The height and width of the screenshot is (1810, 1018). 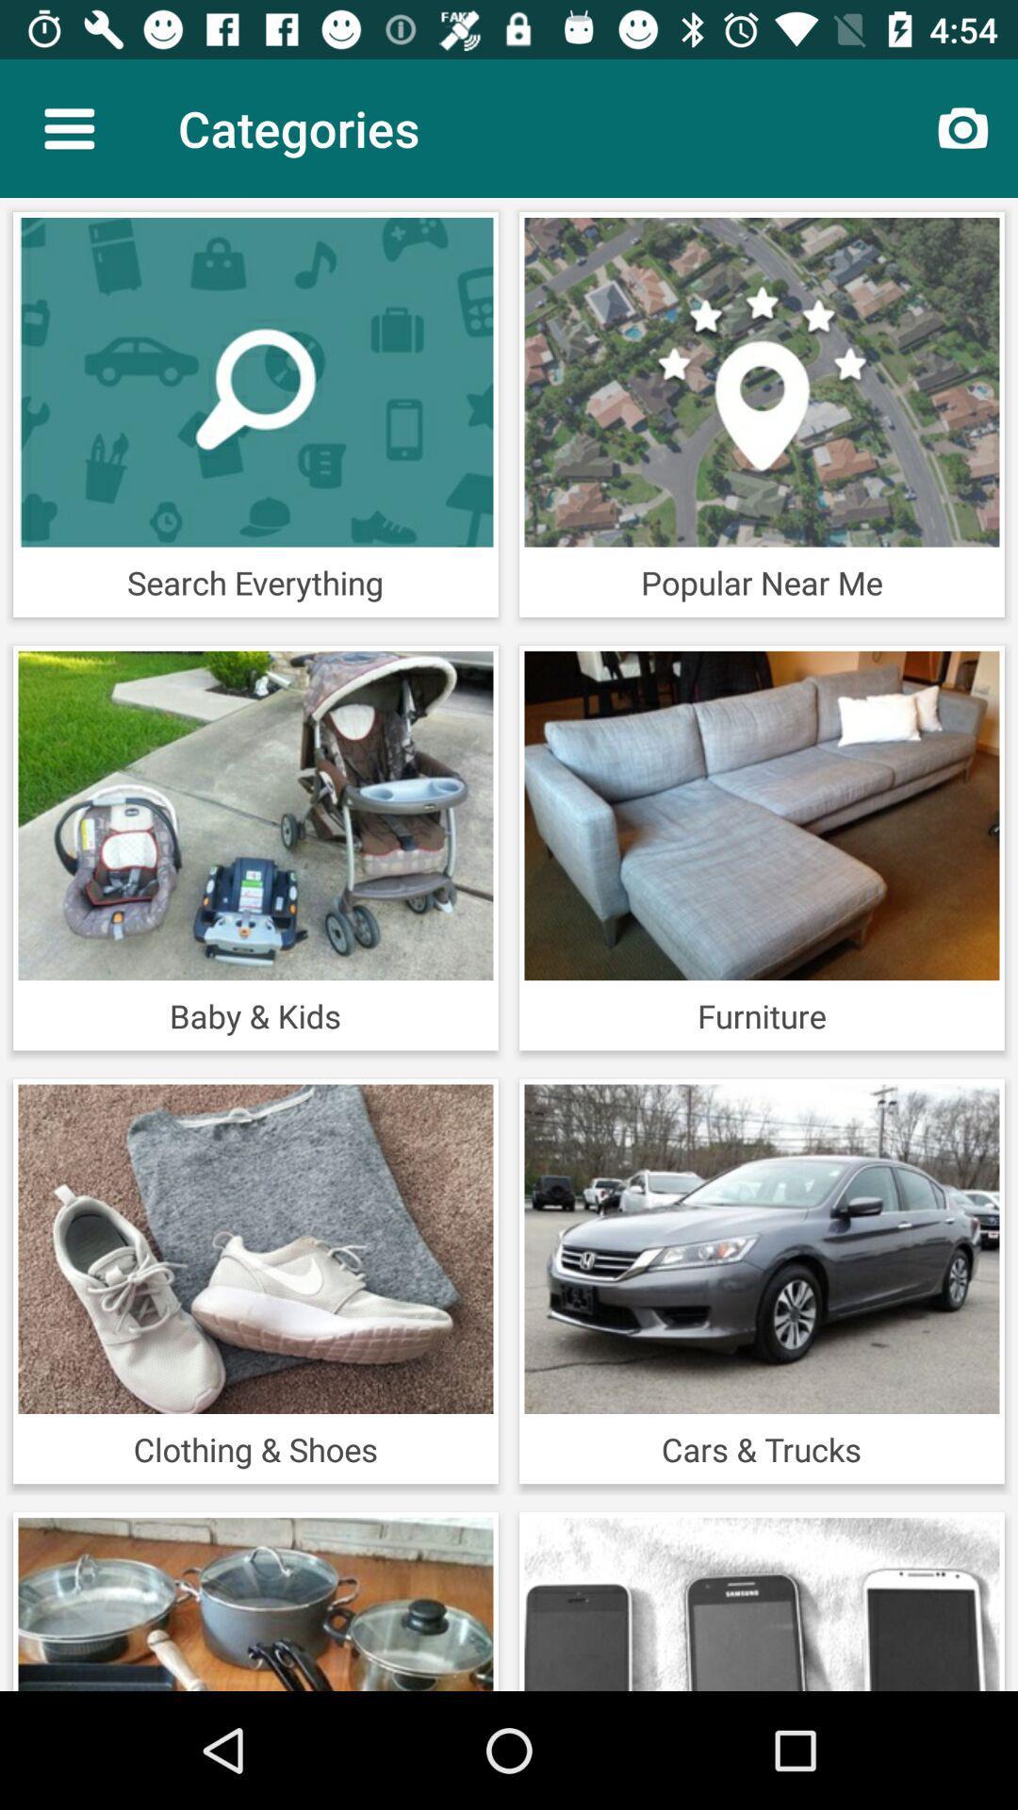 What do you see at coordinates (68, 127) in the screenshot?
I see `the item to the left of the categories item` at bounding box center [68, 127].